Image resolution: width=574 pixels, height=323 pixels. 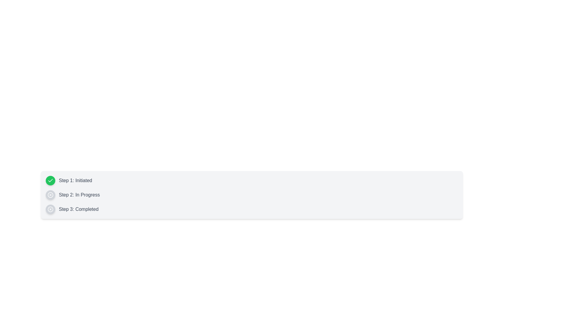 I want to click on the visual state of the circular Status indicator with a gray background and a white 'X' symbol, located to the left of 'Step 2: In Progress', so click(x=50, y=195).